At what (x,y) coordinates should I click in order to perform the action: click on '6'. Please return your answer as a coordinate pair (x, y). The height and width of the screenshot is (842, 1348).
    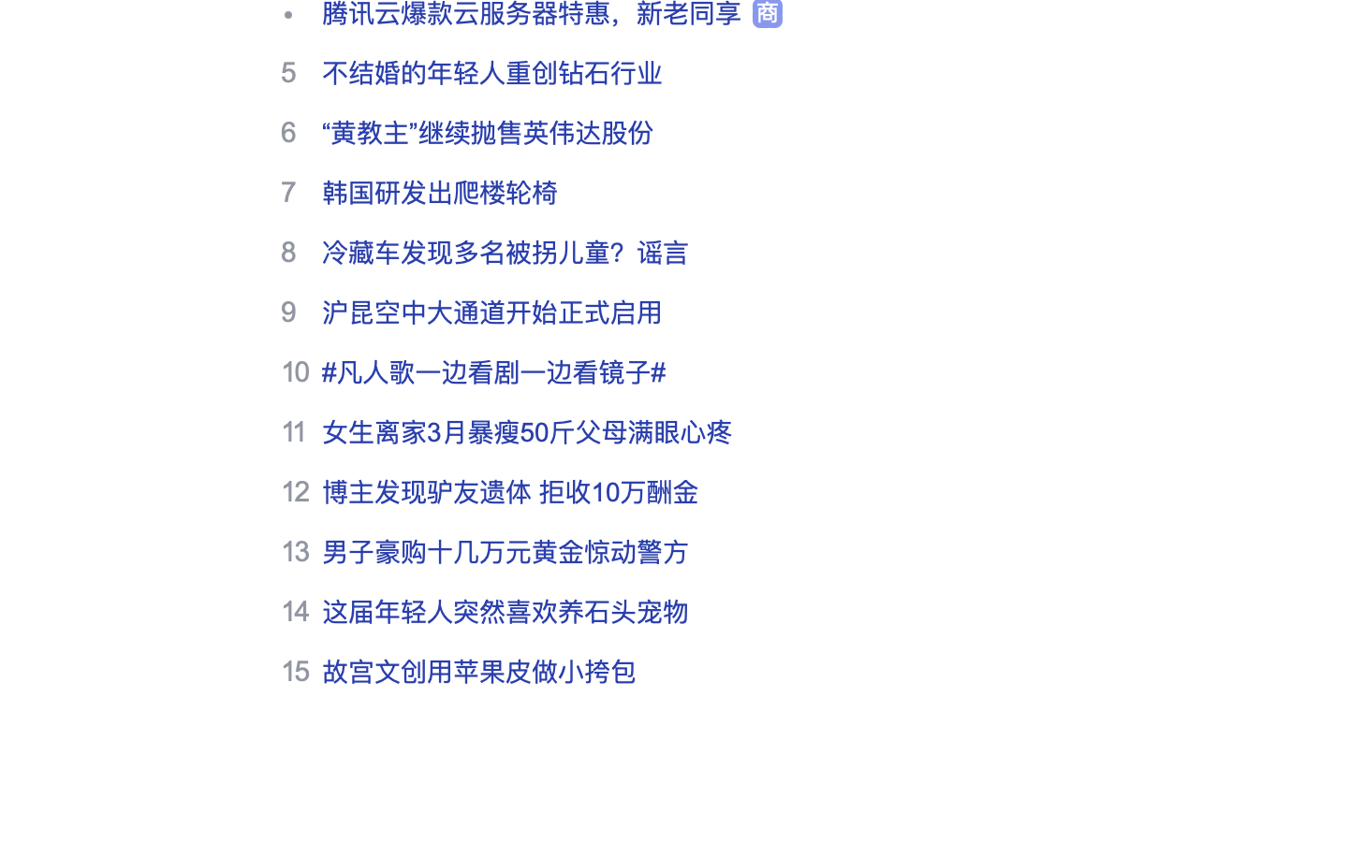
    Looking at the image, I should click on (288, 132).